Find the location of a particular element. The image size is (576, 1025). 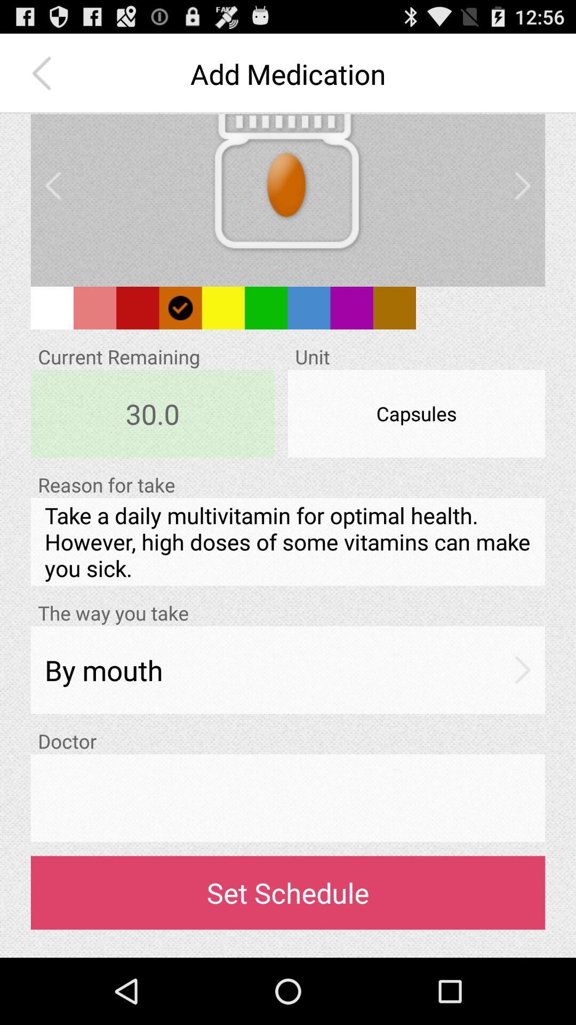

the button on the left to first image on the web page is located at coordinates (53, 186).